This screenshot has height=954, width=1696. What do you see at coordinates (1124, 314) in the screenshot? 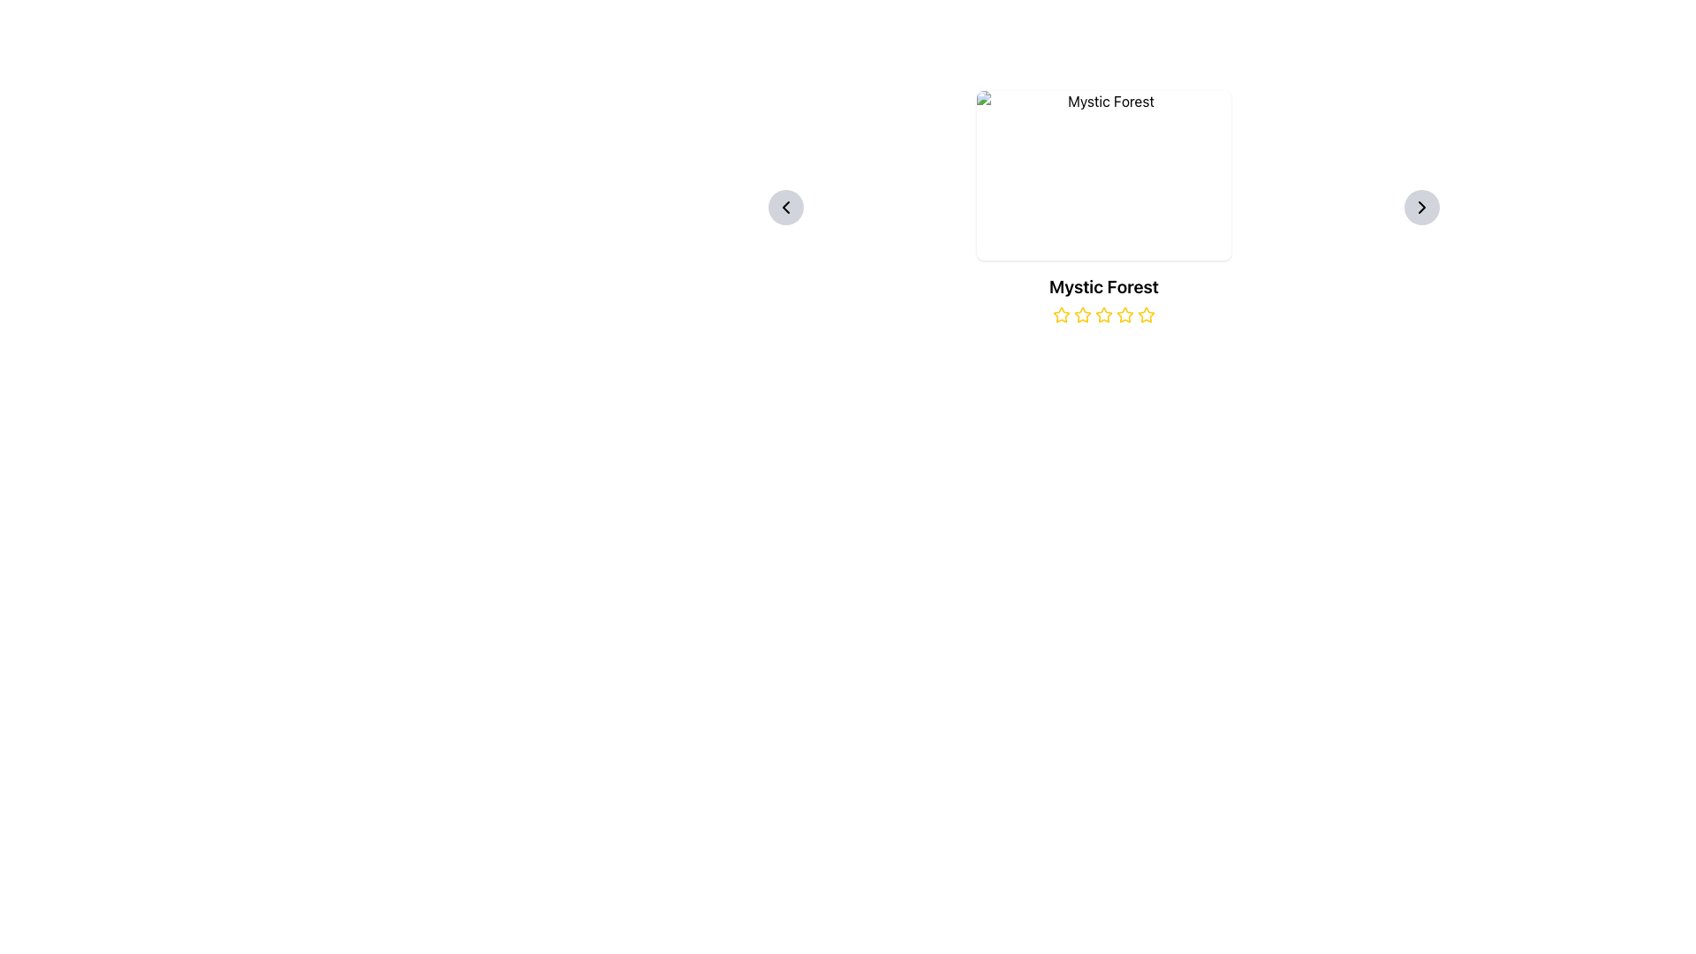
I see `the fourth star icon with a yellow border under the 'Mystic Forest' label` at bounding box center [1124, 314].